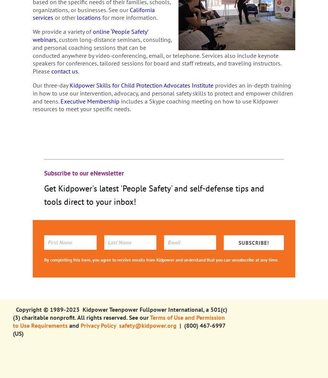  What do you see at coordinates (147, 325) in the screenshot?
I see `'safety@kidpower.org'` at bounding box center [147, 325].